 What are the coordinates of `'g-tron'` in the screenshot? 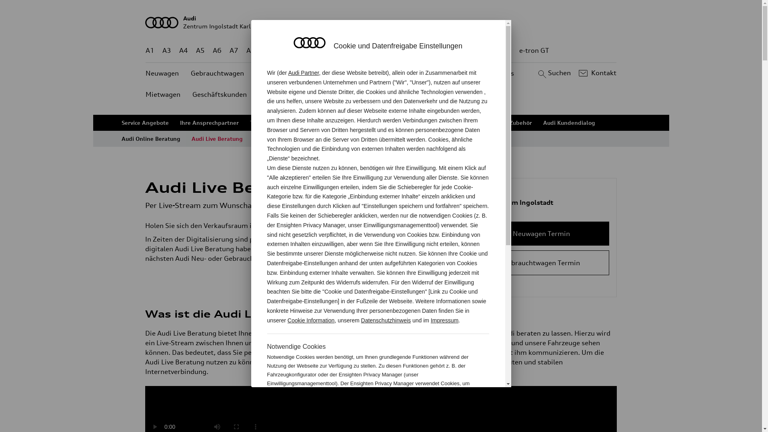 It's located at (500, 50).